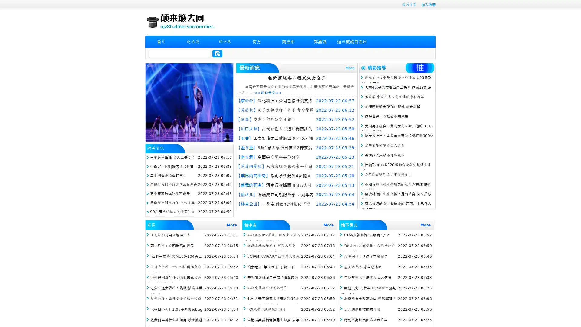 Image resolution: width=581 pixels, height=327 pixels. I want to click on Search, so click(217, 53).